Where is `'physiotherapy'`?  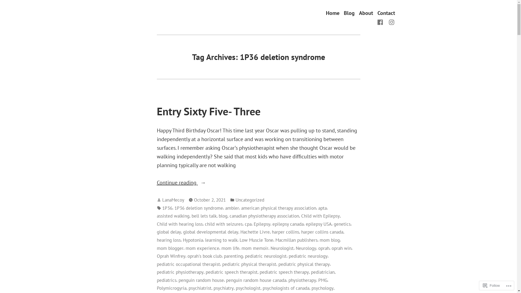 'physiotherapy' is located at coordinates (302, 280).